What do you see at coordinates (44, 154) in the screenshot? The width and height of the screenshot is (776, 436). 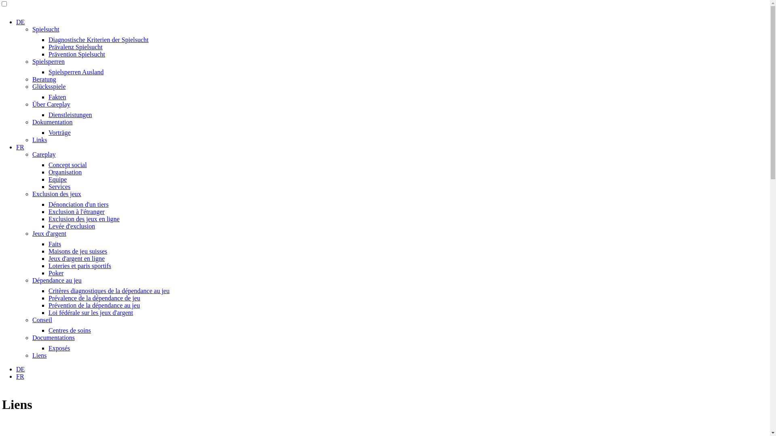 I see `'Careplay'` at bounding box center [44, 154].